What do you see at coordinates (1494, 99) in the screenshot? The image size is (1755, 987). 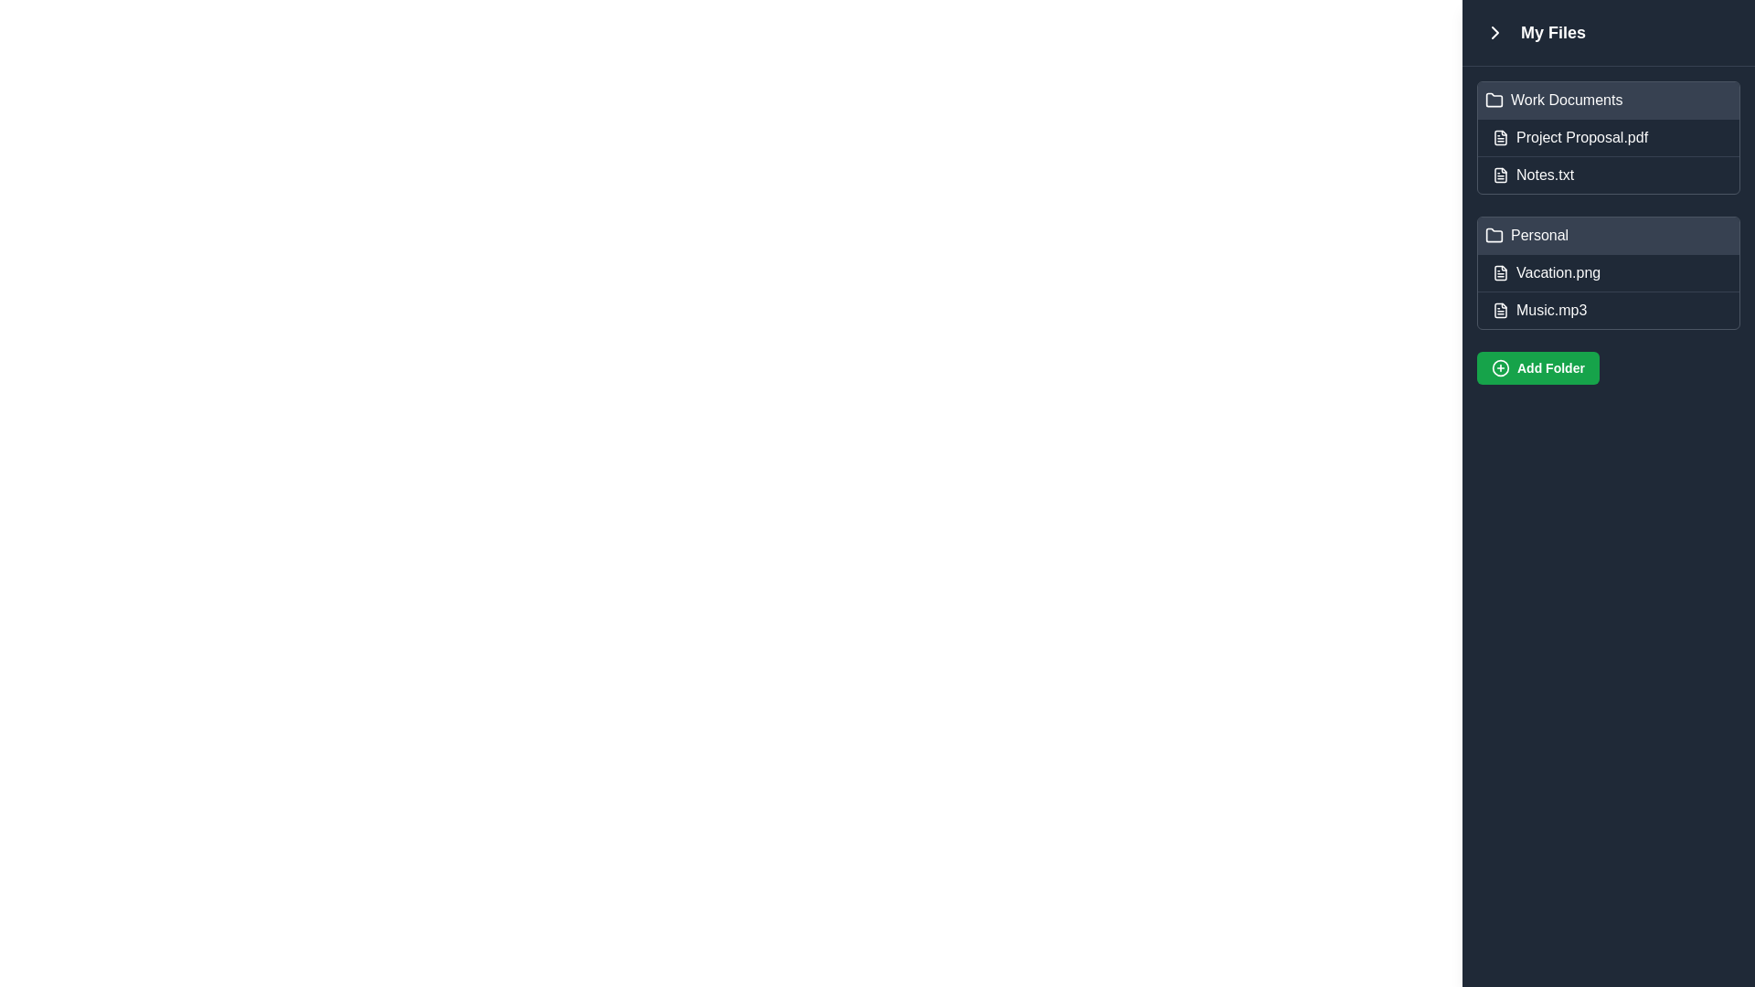 I see `the decorative folder icon for 'Work Documents' located in the file navigation pane on the right side of the interface` at bounding box center [1494, 99].